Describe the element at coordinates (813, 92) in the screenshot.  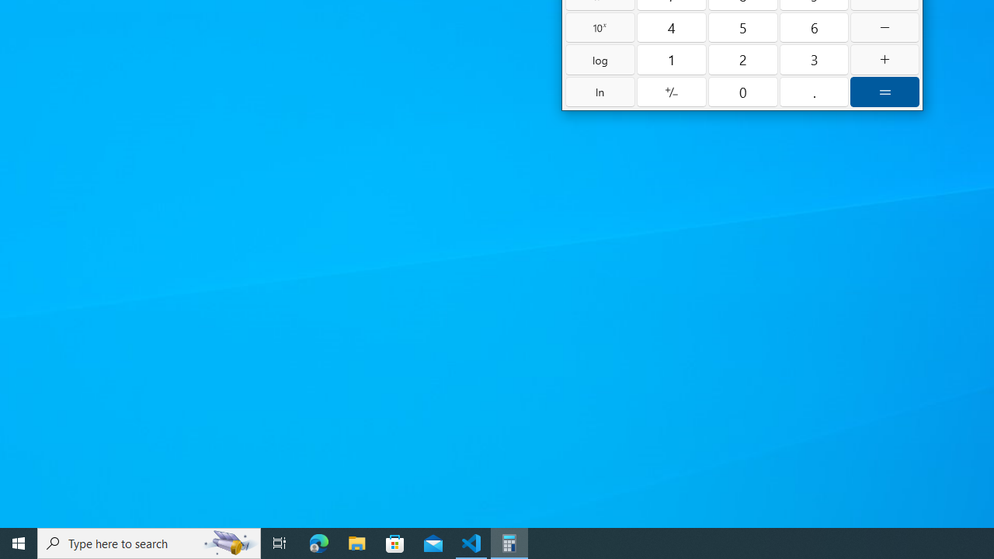
I see `'Decimal separator'` at that location.